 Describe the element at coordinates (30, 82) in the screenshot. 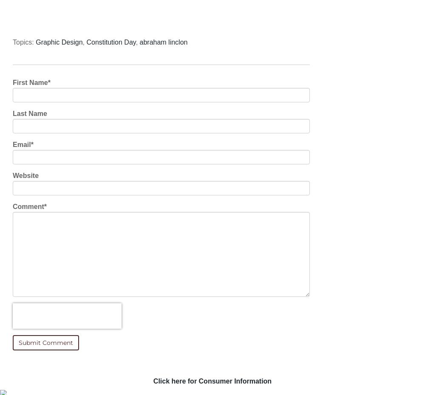

I see `'First Name'` at that location.